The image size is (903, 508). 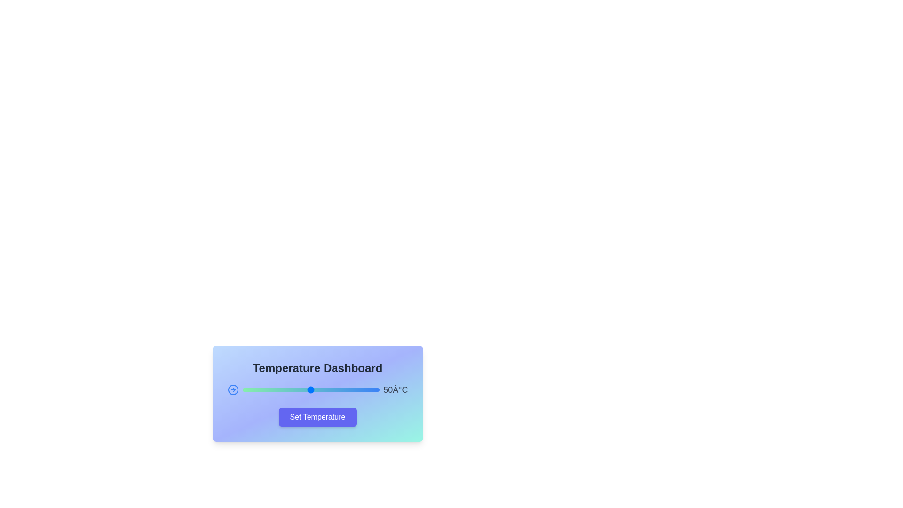 I want to click on the slider to set the temperature to 5°C, so click(x=249, y=390).